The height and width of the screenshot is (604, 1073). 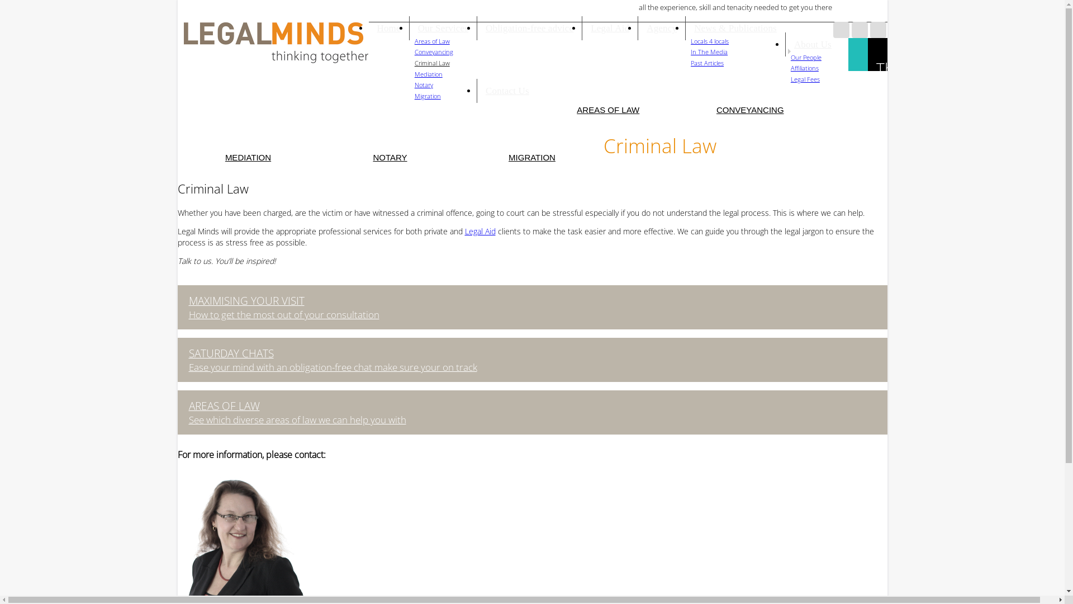 What do you see at coordinates (785, 57) in the screenshot?
I see `'Our People'` at bounding box center [785, 57].